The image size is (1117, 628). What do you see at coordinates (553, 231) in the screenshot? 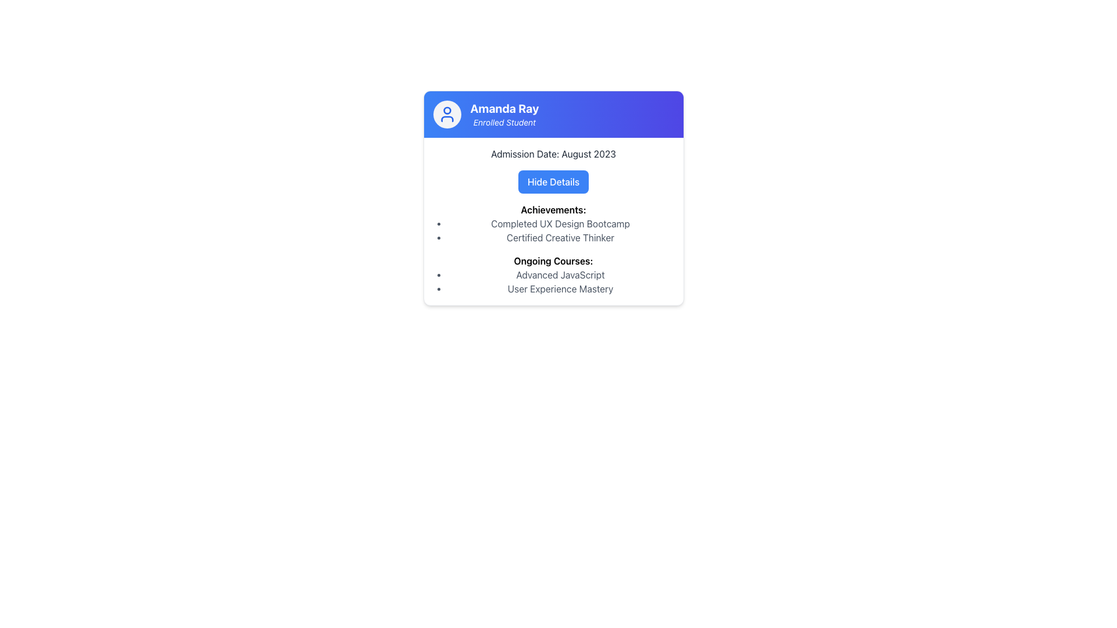
I see `text from the Bullet list element displaying 'Completed UX Design Bootcamp' and 'Certified Creative Thinker' under the 'Achievements:' section` at bounding box center [553, 231].